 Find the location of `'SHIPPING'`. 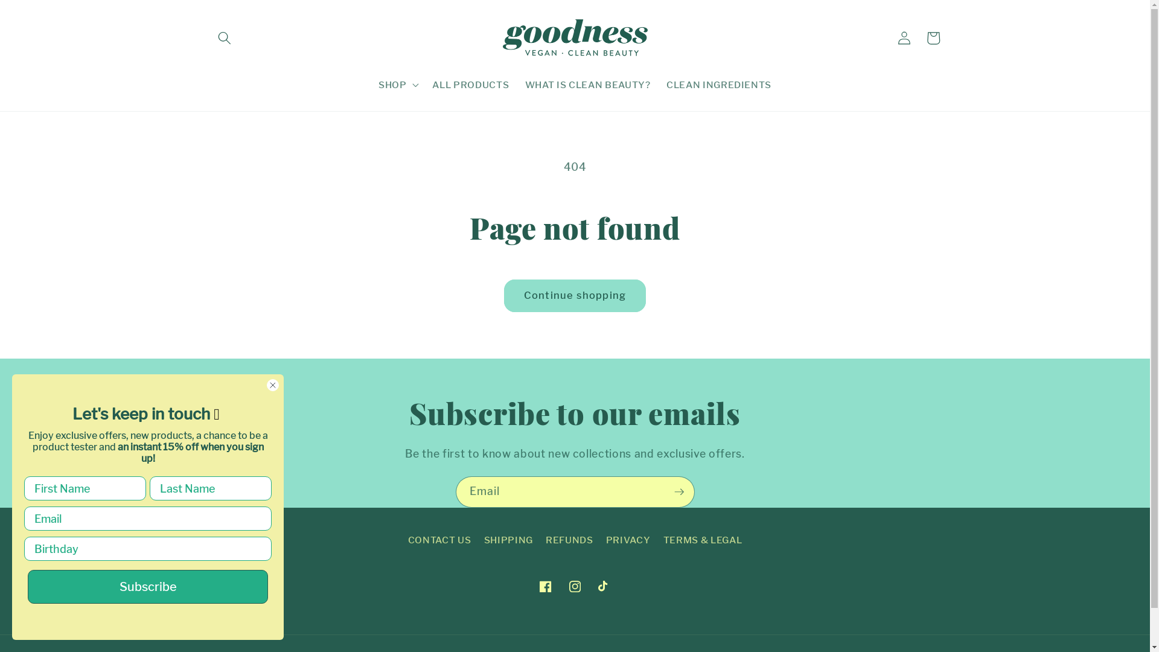

'SHIPPING' is located at coordinates (508, 540).